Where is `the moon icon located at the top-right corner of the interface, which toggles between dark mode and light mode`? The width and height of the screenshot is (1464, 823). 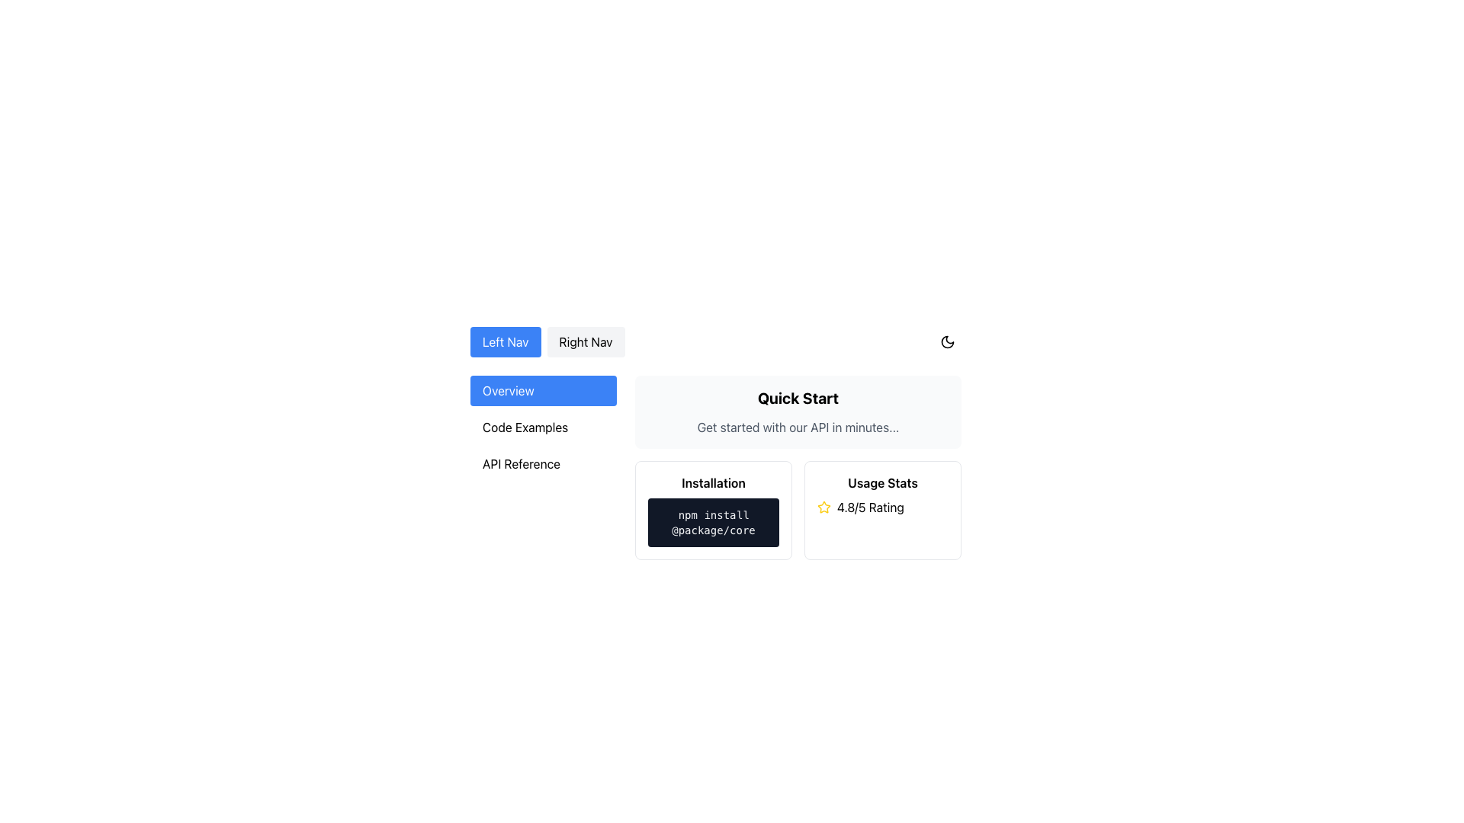
the moon icon located at the top-right corner of the interface, which toggles between dark mode and light mode is located at coordinates (947, 341).